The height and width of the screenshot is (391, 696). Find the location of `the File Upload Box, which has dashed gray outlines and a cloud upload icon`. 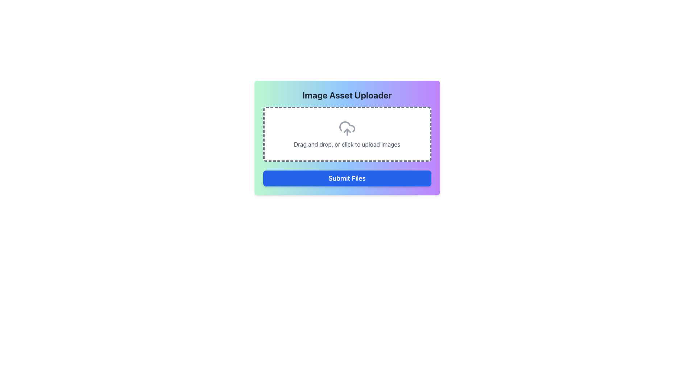

the File Upload Box, which has dashed gray outlines and a cloud upload icon is located at coordinates (347, 134).